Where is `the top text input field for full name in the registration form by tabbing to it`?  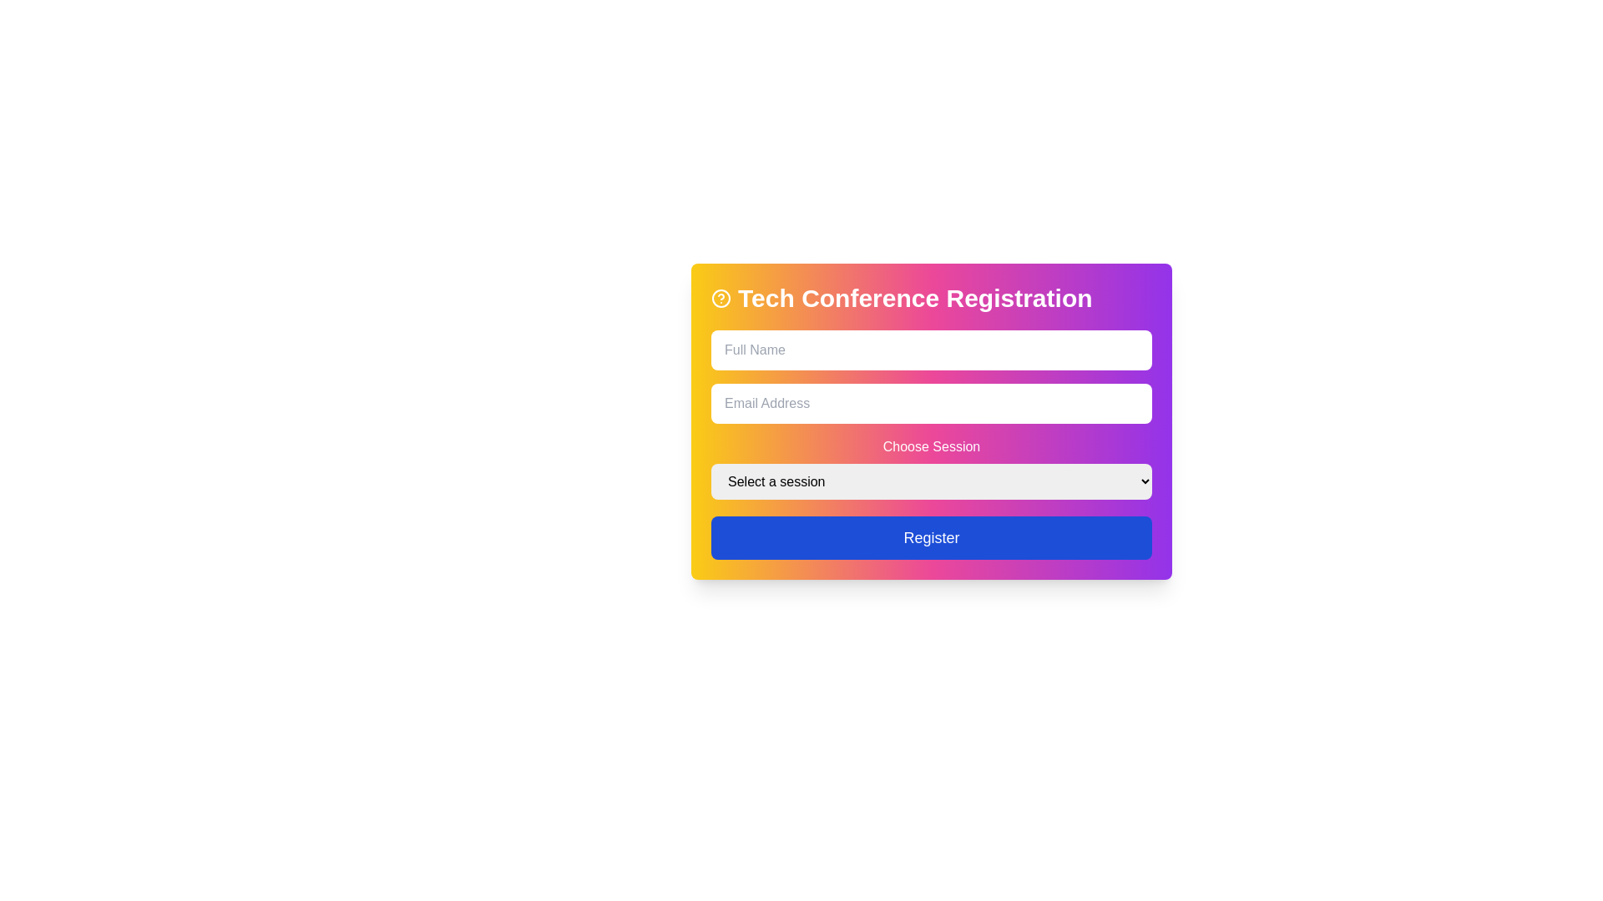 the top text input field for full name in the registration form by tabbing to it is located at coordinates (931, 350).